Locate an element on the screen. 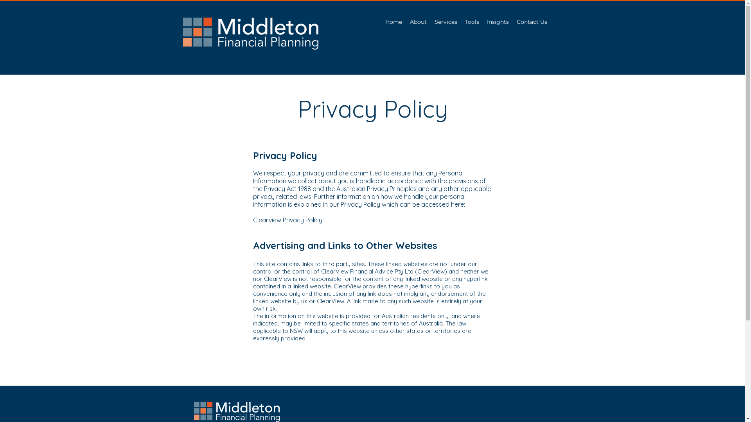 The height and width of the screenshot is (422, 751). 'Insights' is located at coordinates (497, 21).